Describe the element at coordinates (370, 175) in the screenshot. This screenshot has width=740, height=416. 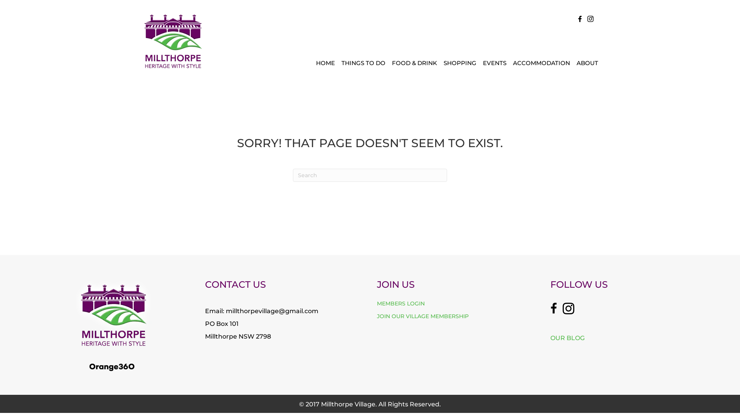
I see `'Type and press Enter to search.'` at that location.